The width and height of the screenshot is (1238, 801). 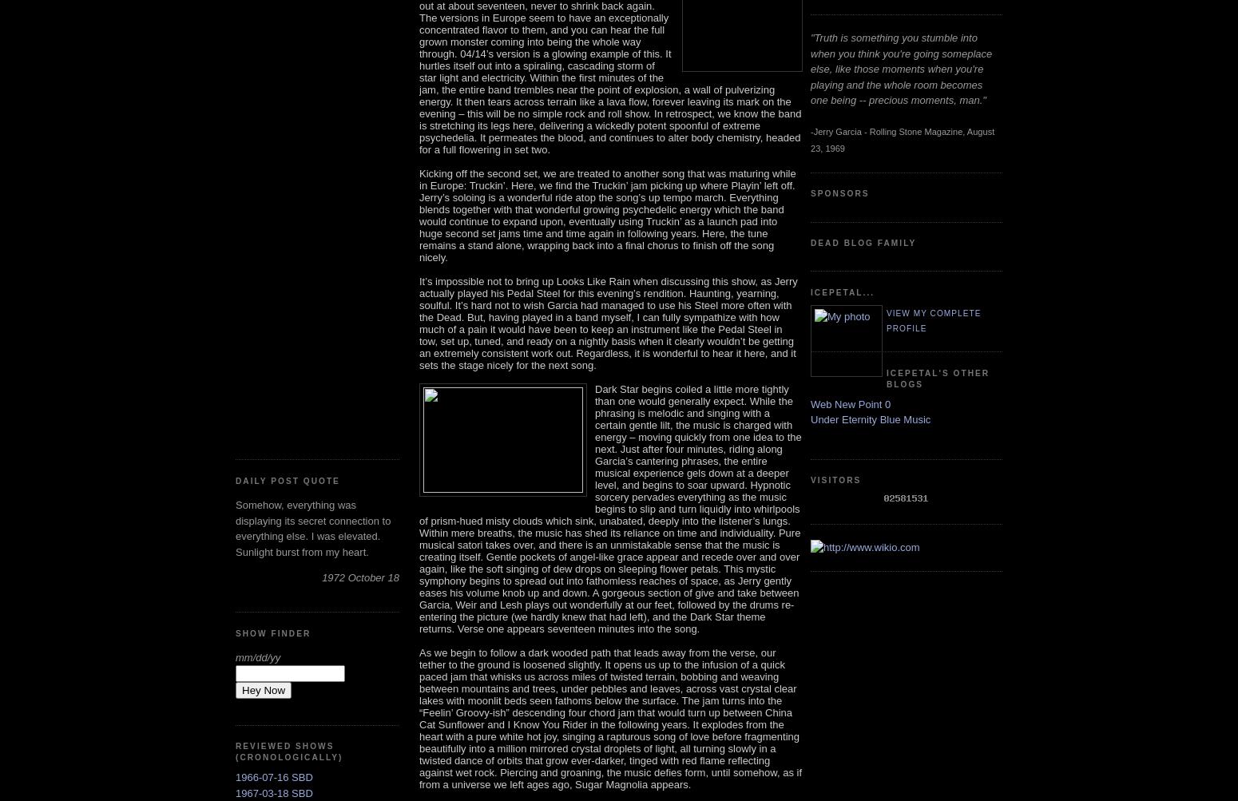 I want to click on 'Sponsors', so click(x=839, y=193).